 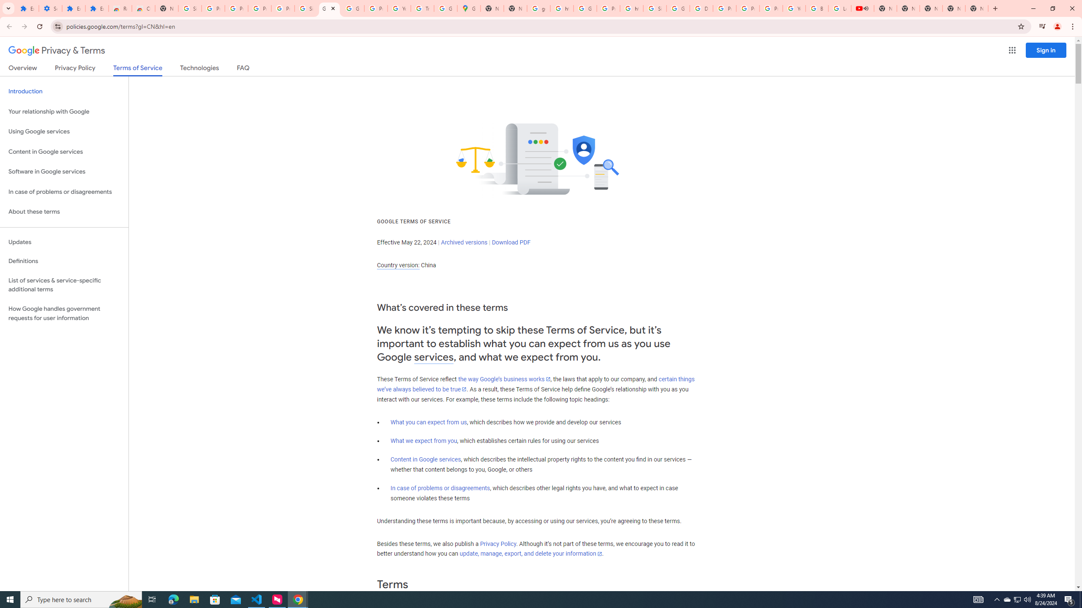 I want to click on 'Sign in - Google Accounts', so click(x=306, y=8).